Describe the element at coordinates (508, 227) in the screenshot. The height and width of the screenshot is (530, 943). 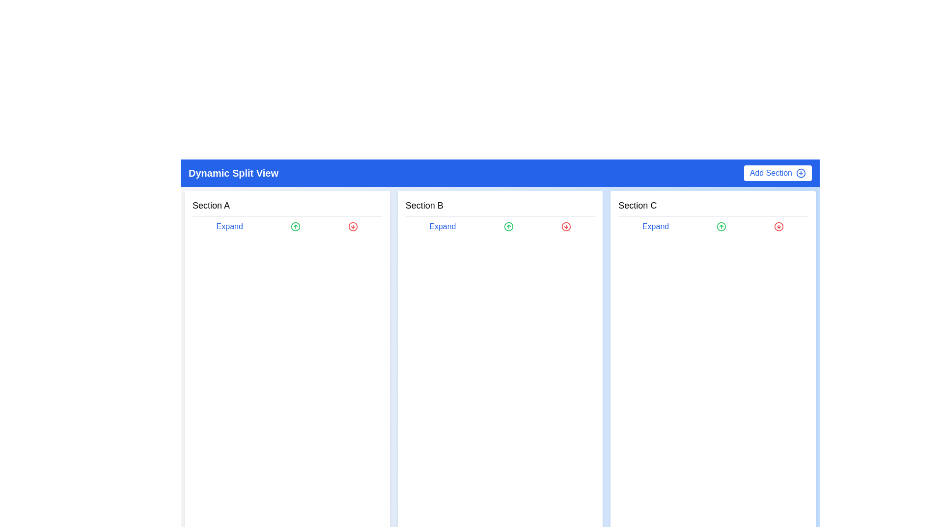
I see `the icon button in Section B that represents an action to move something upward, located between the 'Expand' text and a red-colored down arrow icon` at that location.